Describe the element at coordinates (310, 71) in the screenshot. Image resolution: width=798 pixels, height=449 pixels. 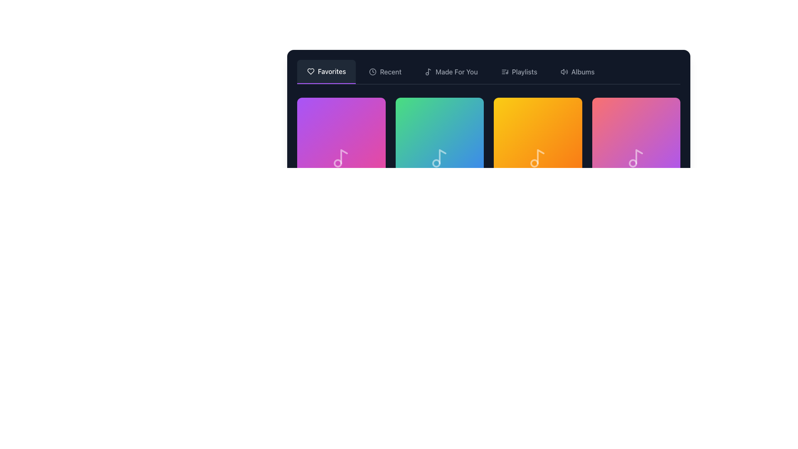
I see `the heart-shaped icon located to the left of the 'Favorites' text in the navigation bar, which serves as part of the visual representation of the 'Favorites' section` at that location.